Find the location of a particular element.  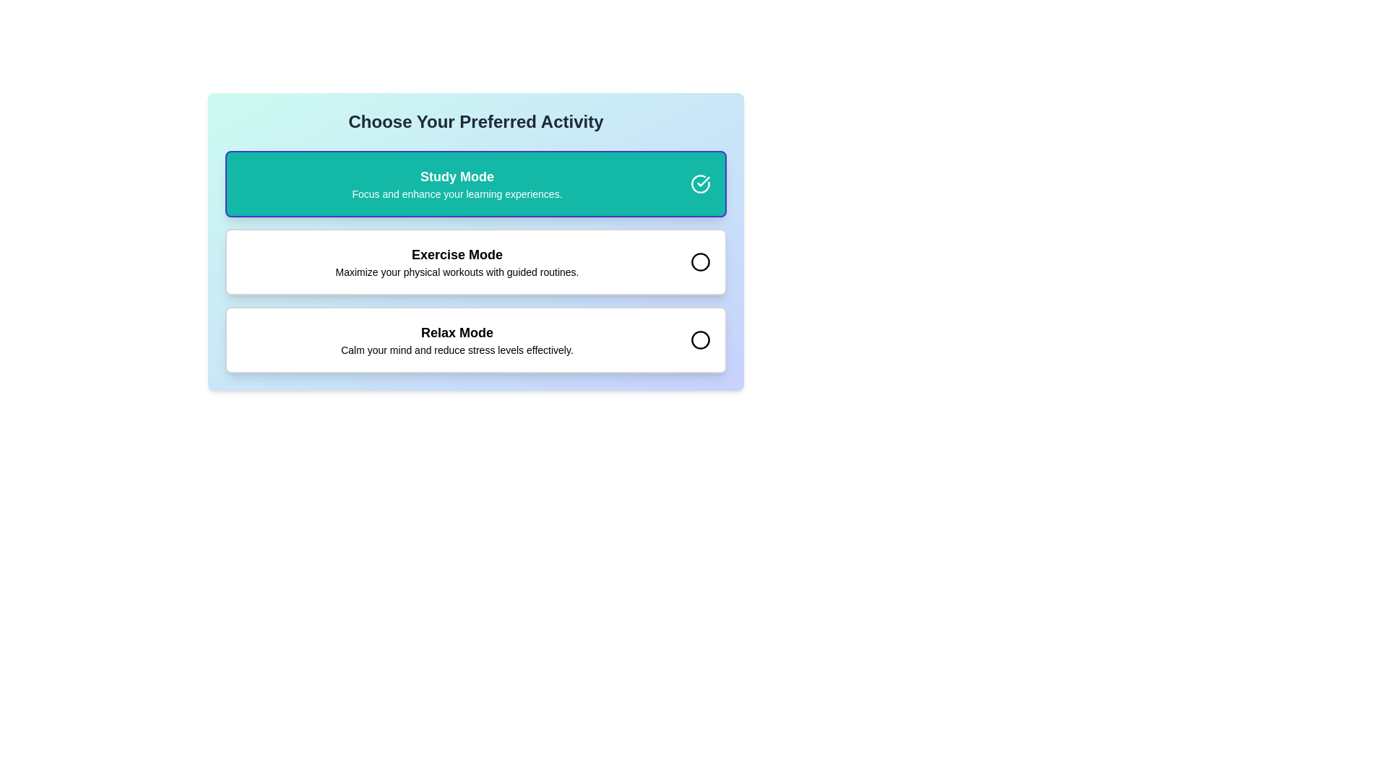

the third option in the vertically arranged list of activity options that presents a relaxation mode, located between 'Exercise Mode' and a circular selection control is located at coordinates (457, 339).